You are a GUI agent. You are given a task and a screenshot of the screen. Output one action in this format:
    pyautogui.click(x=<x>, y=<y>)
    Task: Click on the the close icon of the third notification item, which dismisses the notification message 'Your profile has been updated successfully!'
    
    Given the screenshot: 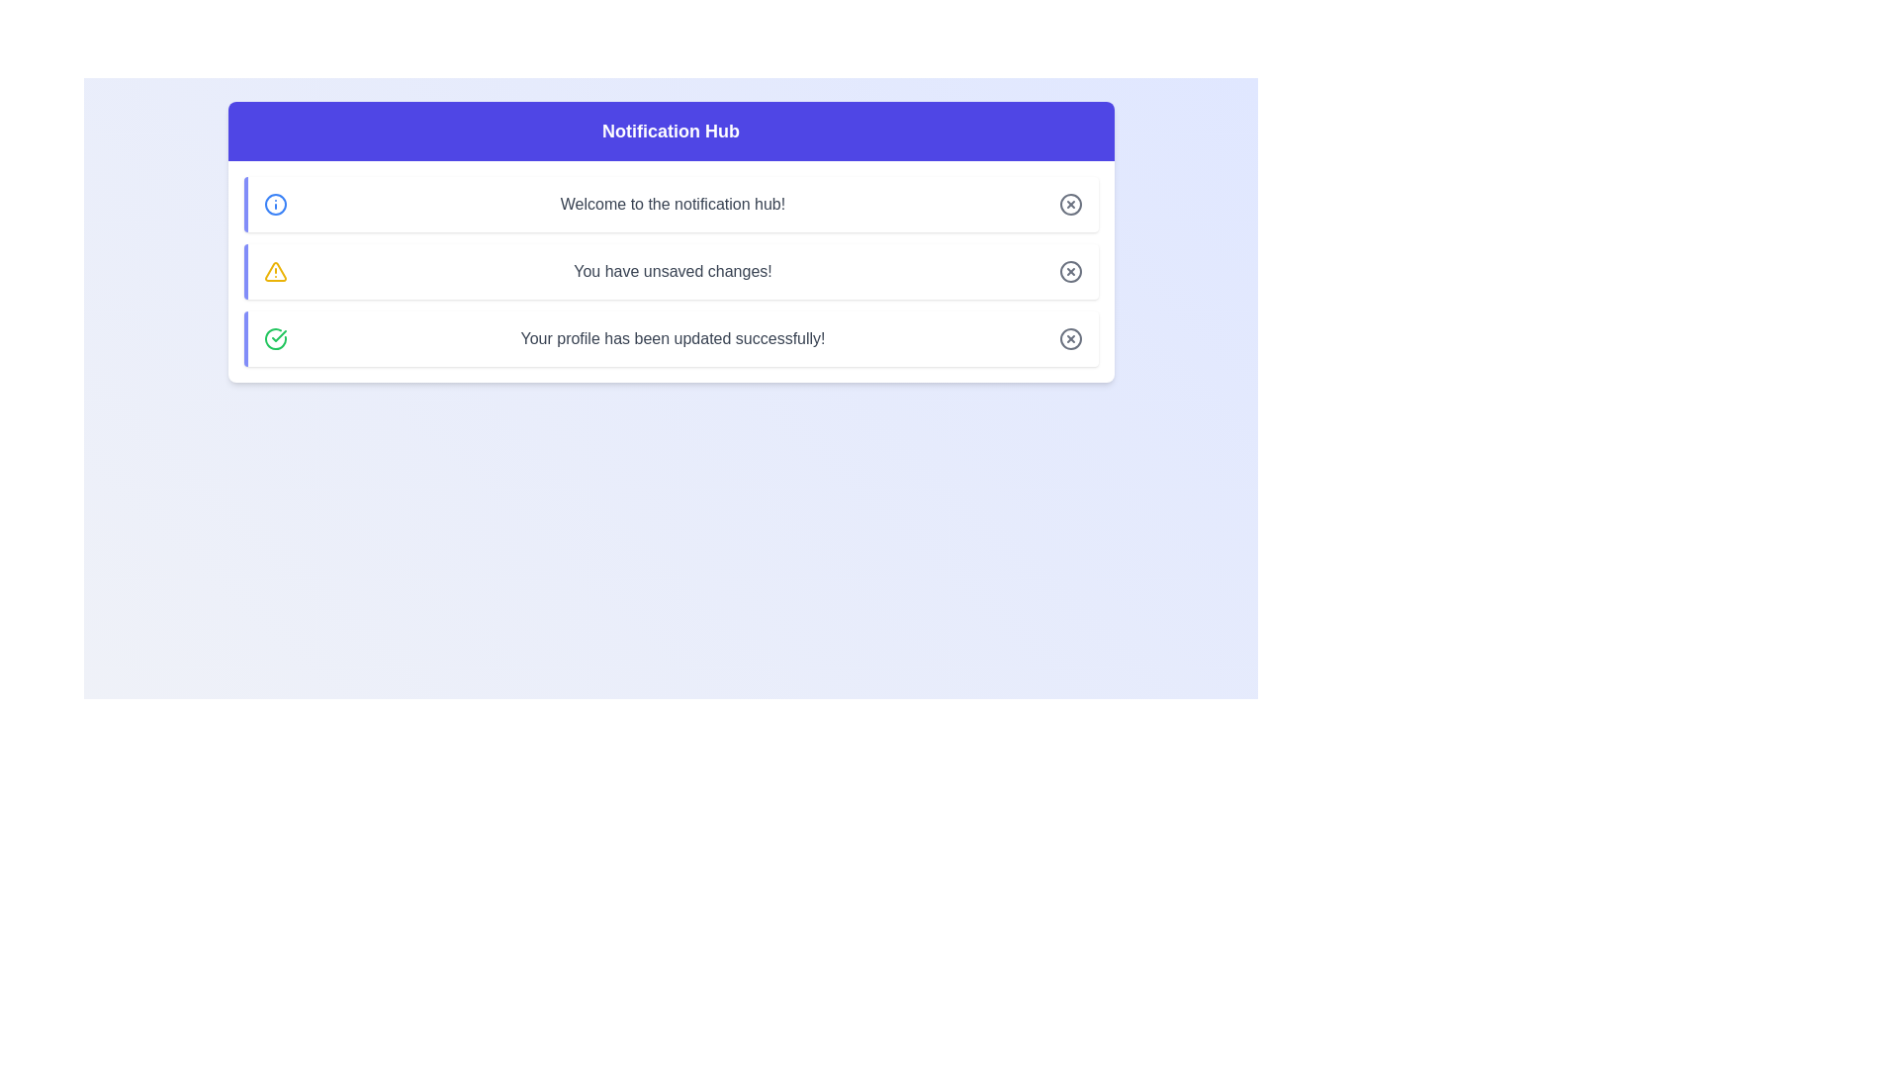 What is the action you would take?
    pyautogui.click(x=1069, y=338)
    